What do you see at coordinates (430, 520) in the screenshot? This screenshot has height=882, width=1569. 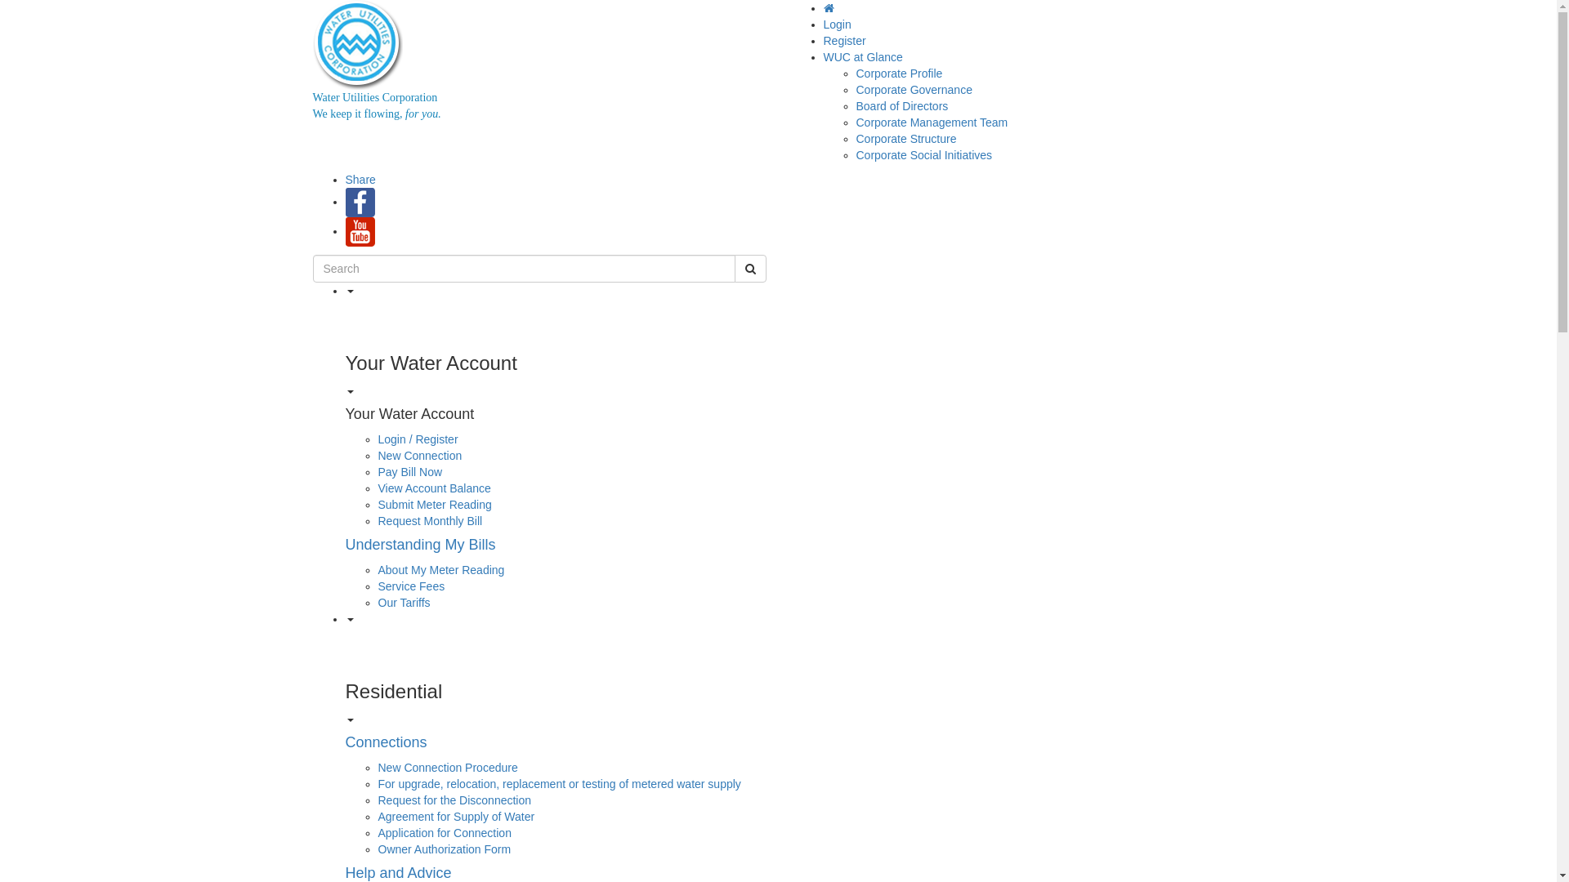 I see `'Request Monthly Bill'` at bounding box center [430, 520].